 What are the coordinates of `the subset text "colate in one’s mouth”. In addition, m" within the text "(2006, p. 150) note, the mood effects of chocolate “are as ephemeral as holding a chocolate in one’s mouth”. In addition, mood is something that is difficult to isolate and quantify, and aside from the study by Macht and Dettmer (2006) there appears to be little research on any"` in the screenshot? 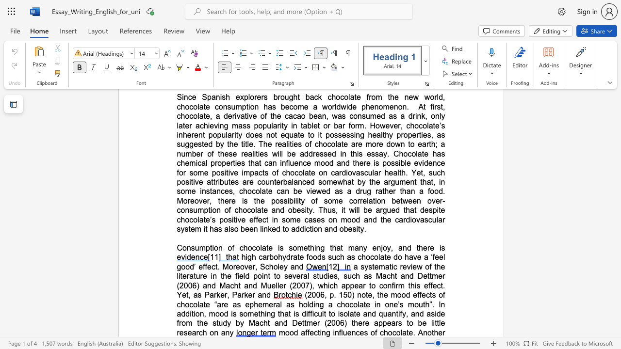 It's located at (349, 304).